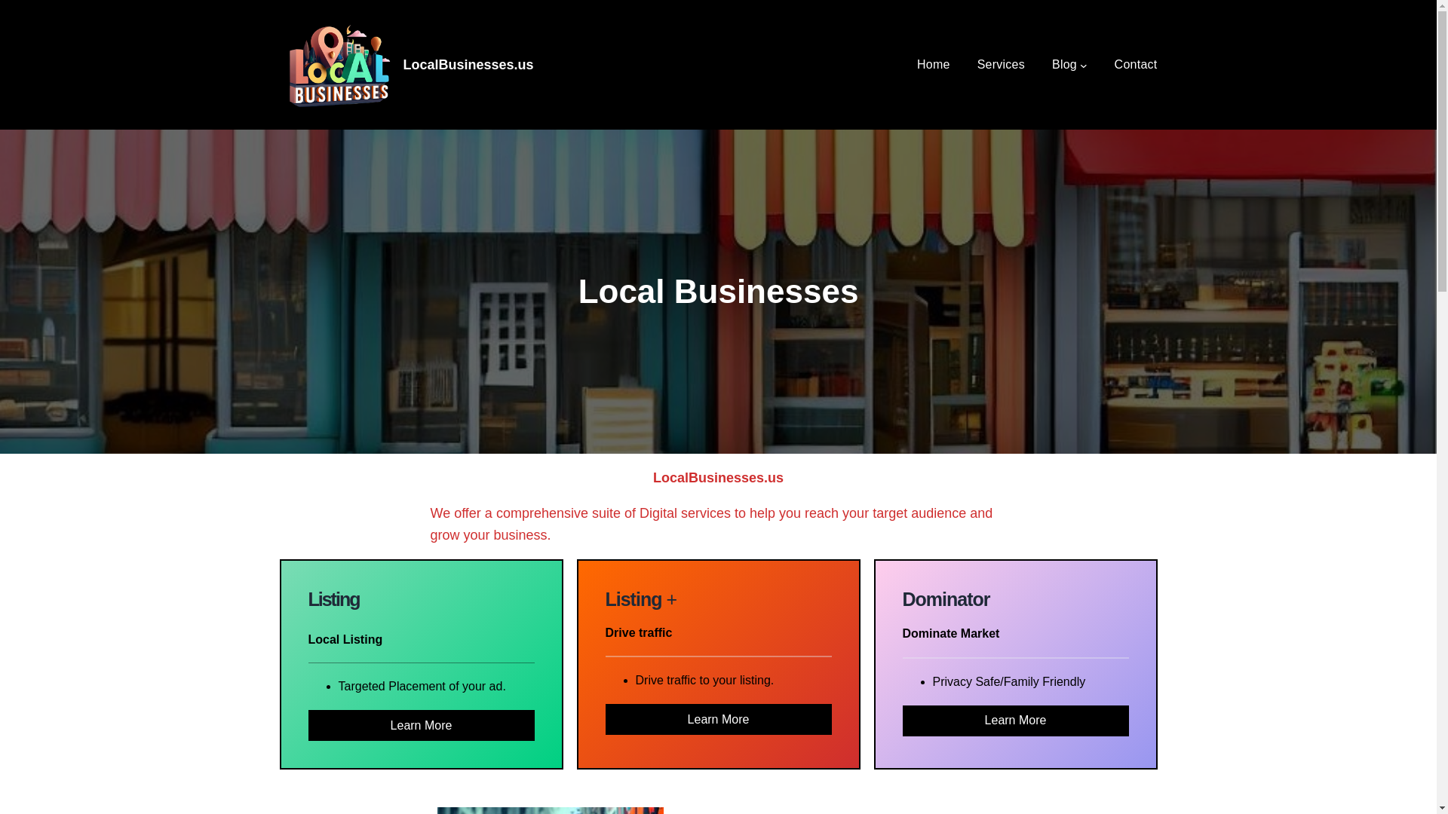 This screenshot has height=814, width=1448. What do you see at coordinates (1136, 63) in the screenshot?
I see `'Contact'` at bounding box center [1136, 63].